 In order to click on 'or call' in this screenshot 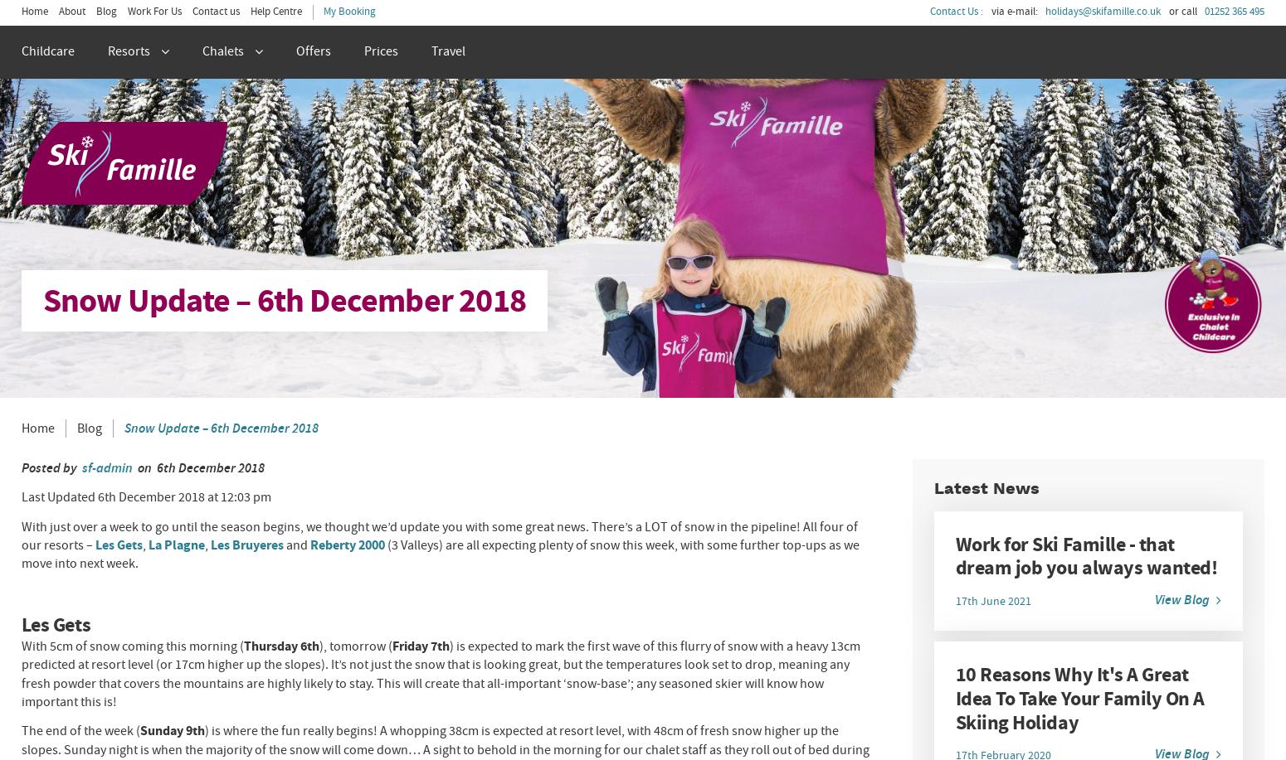, I will do `click(1181, 12)`.